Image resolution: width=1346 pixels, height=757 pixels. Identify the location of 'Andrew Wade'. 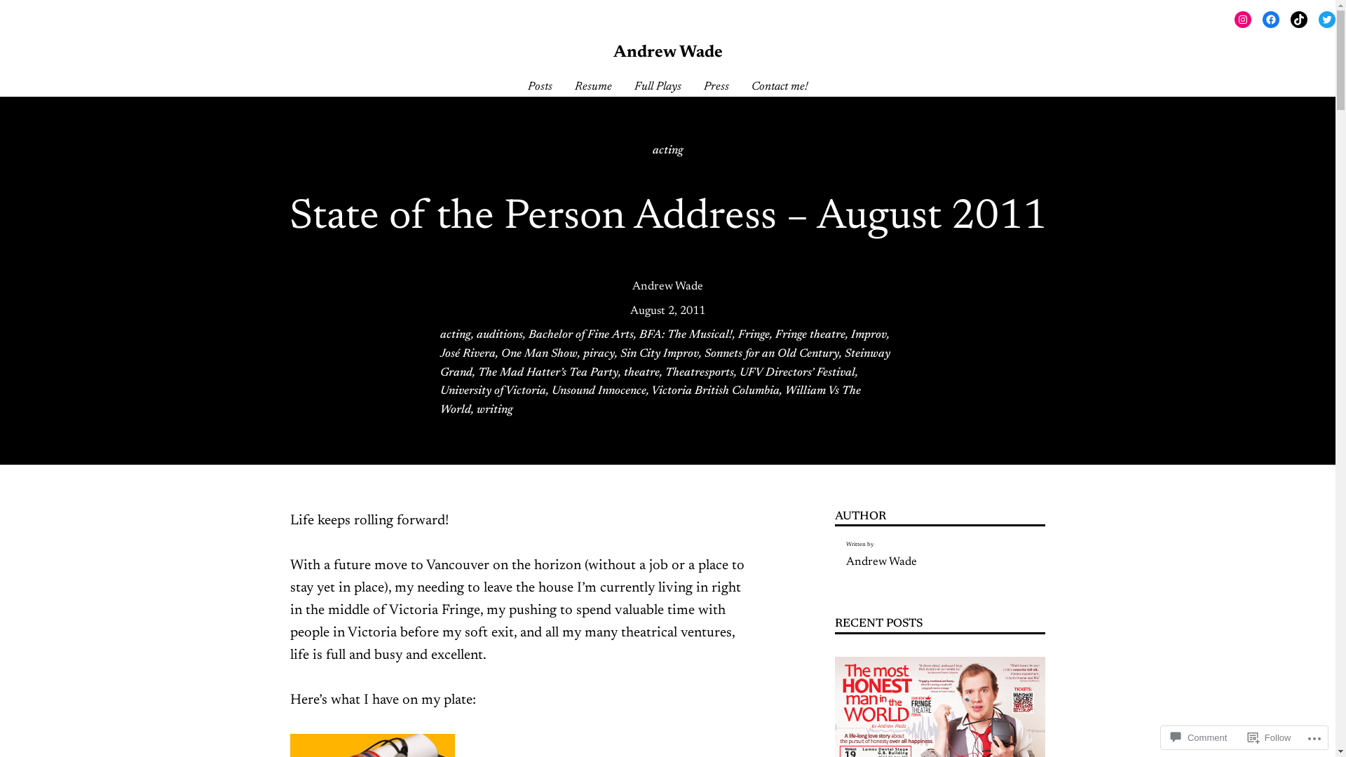
(667, 285).